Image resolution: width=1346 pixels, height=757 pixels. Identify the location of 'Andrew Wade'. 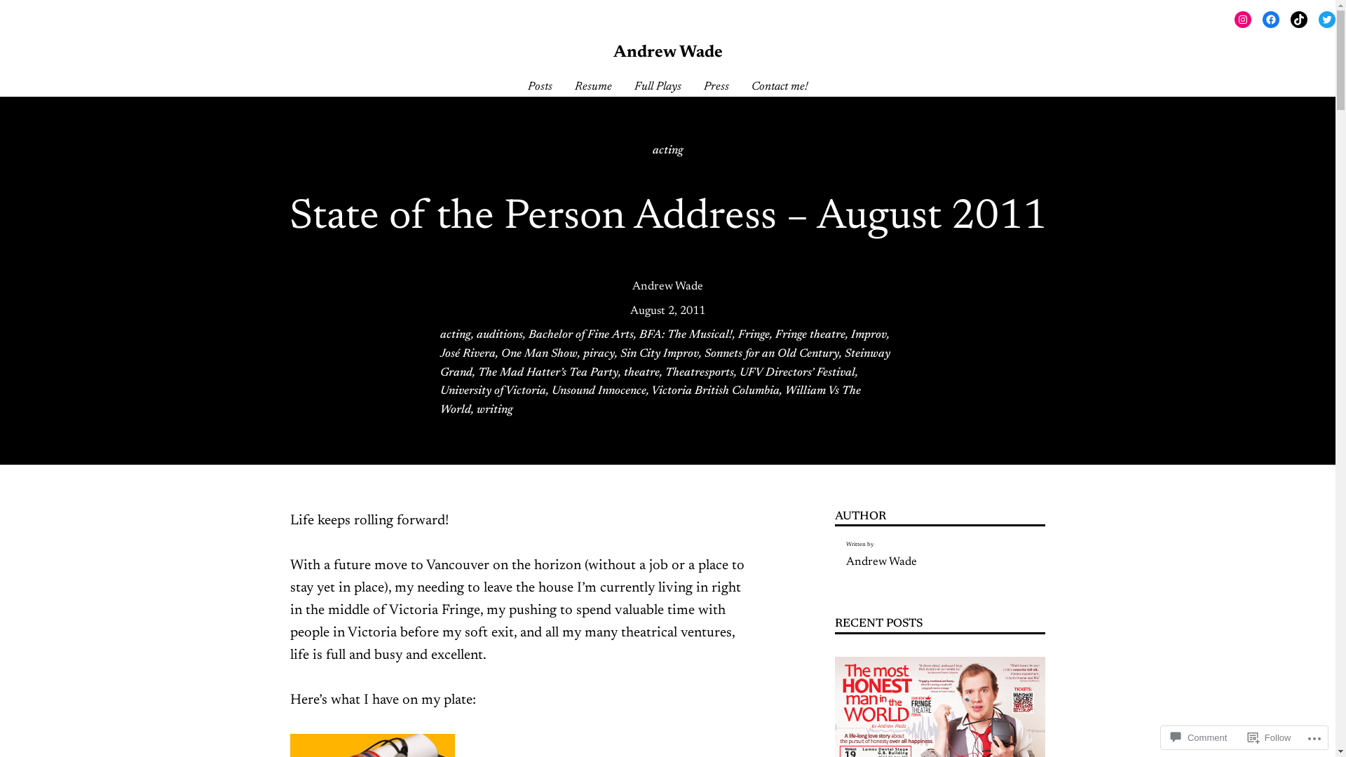
(667, 285).